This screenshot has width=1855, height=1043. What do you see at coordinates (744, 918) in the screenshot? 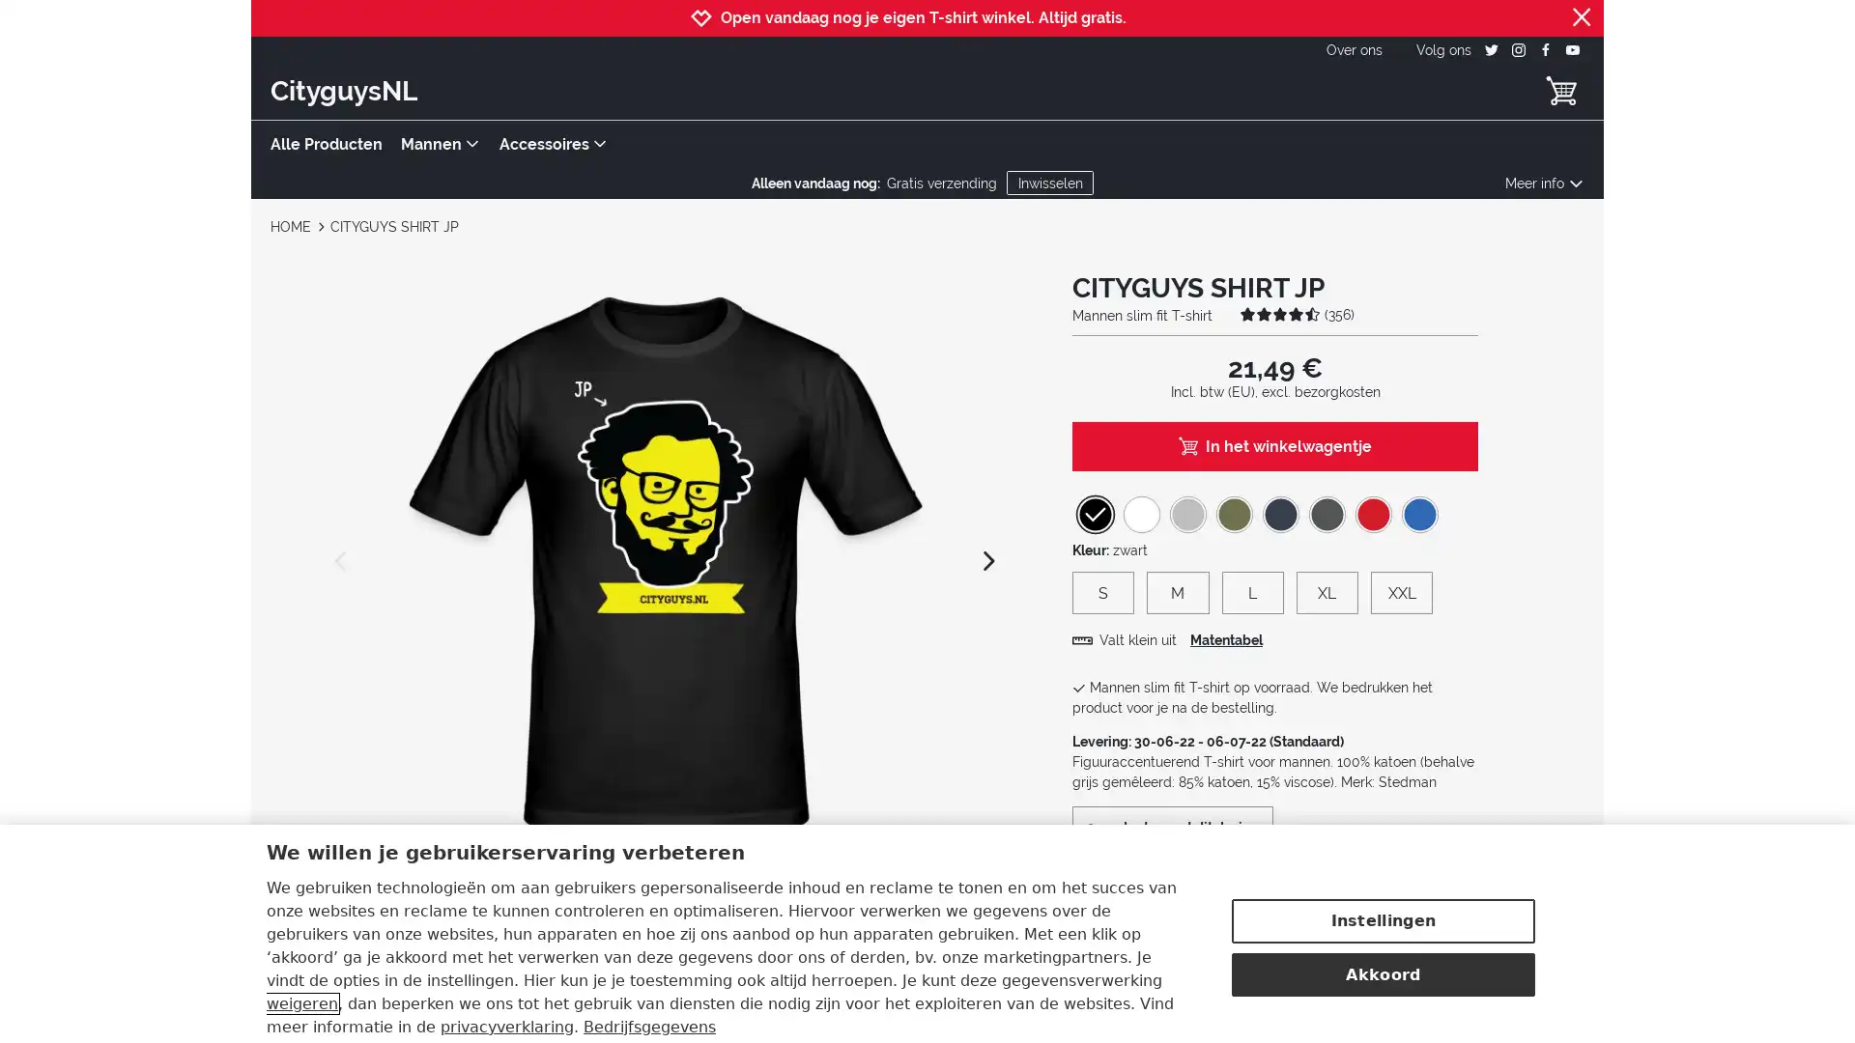
I see `CITYGUYS SHIRT JP view 4` at bounding box center [744, 918].